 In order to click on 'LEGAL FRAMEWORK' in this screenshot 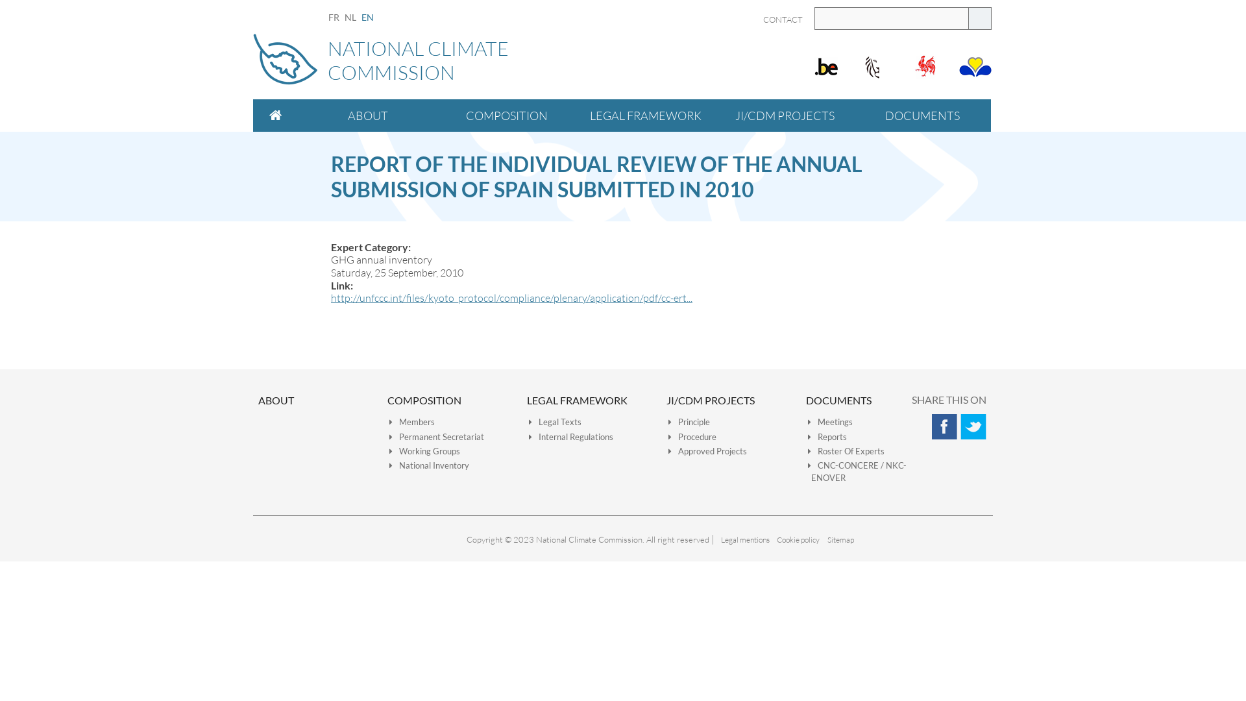, I will do `click(576, 399)`.